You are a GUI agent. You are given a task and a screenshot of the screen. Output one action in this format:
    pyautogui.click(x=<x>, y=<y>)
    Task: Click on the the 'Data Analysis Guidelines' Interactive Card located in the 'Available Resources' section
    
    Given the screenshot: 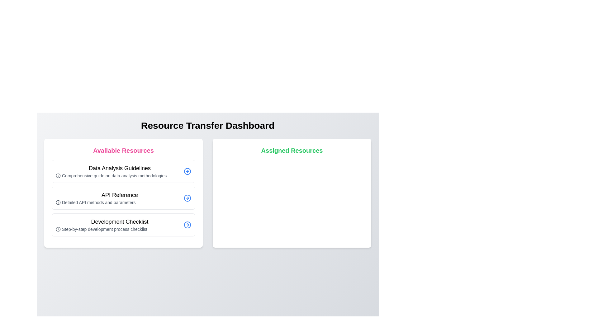 What is the action you would take?
    pyautogui.click(x=123, y=171)
    